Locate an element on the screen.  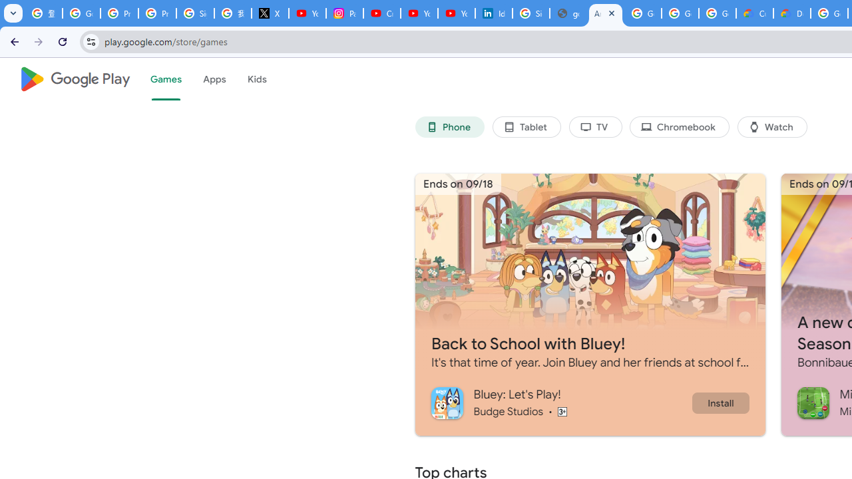
'YouTube Content Monetization Policies - How YouTube Works' is located at coordinates (307, 13).